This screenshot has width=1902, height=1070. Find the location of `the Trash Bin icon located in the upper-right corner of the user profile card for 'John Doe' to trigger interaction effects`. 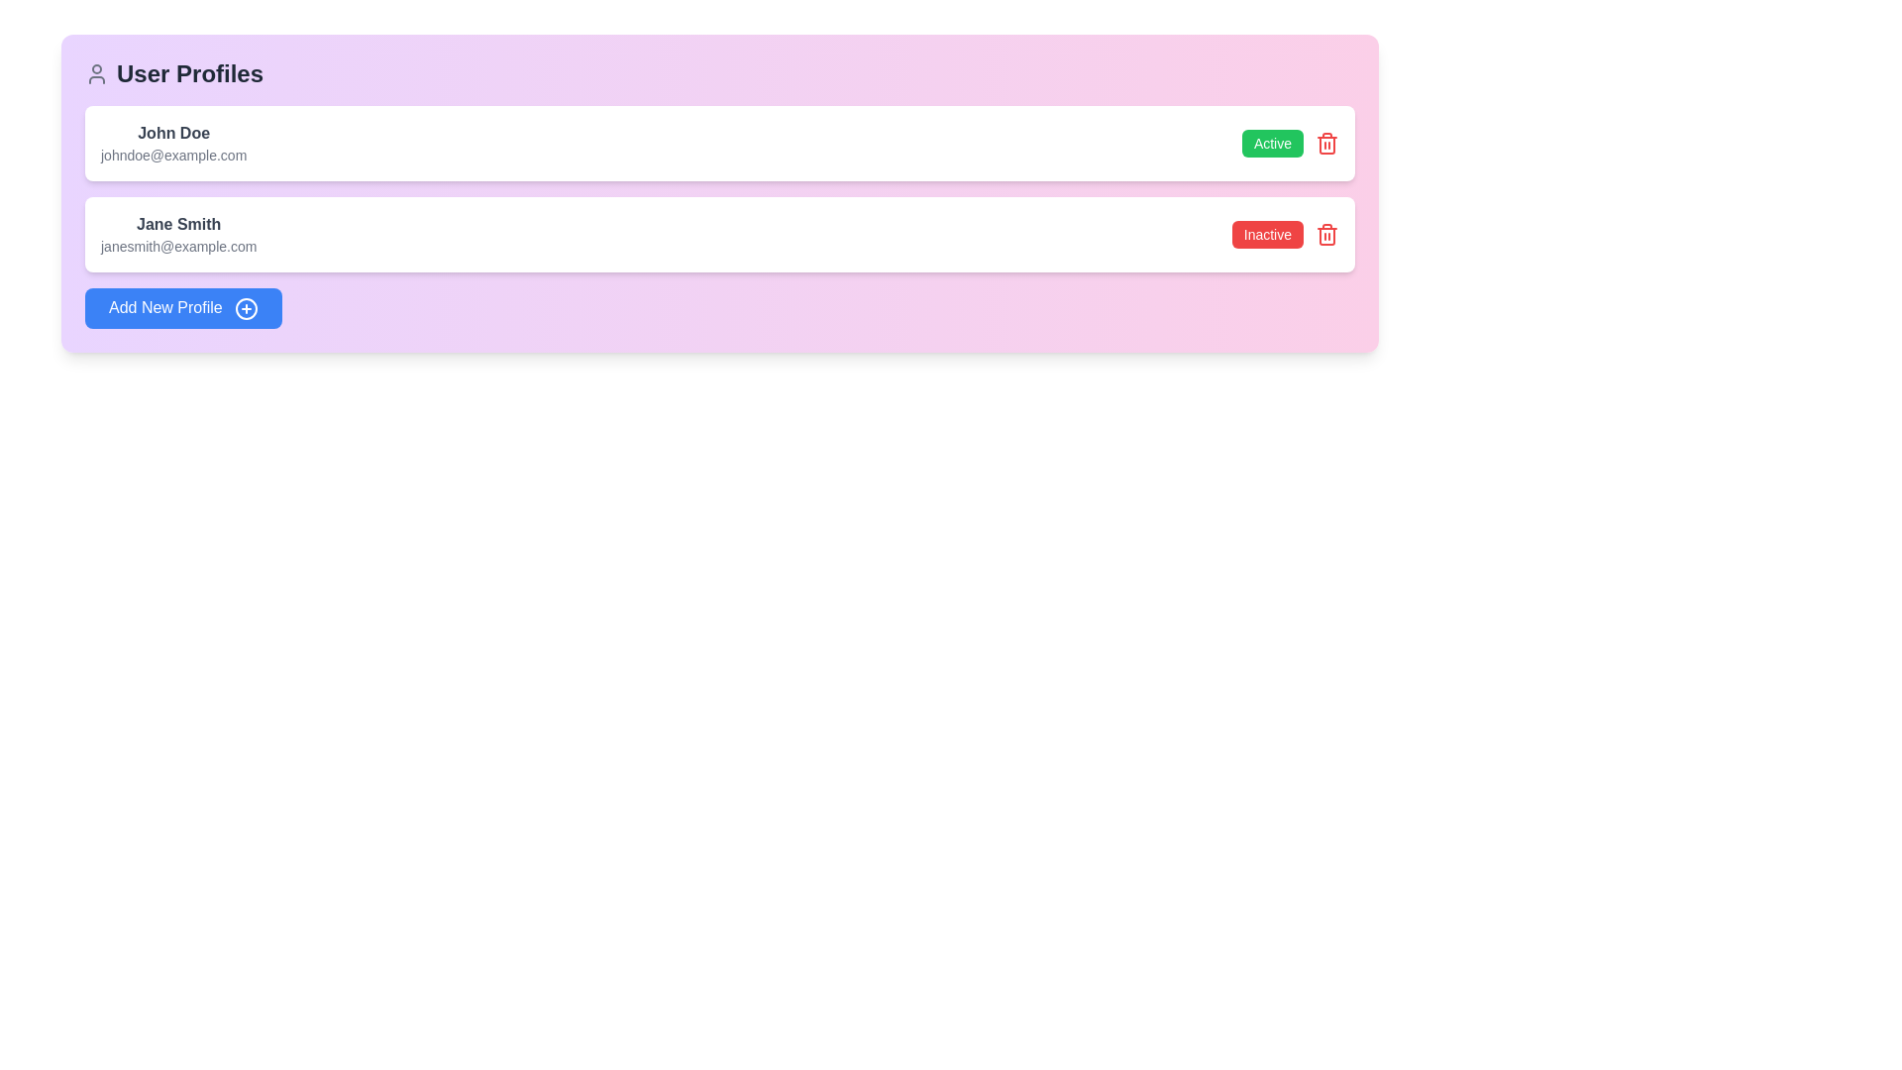

the Trash Bin icon located in the upper-right corner of the user profile card for 'John Doe' to trigger interaction effects is located at coordinates (1326, 143).